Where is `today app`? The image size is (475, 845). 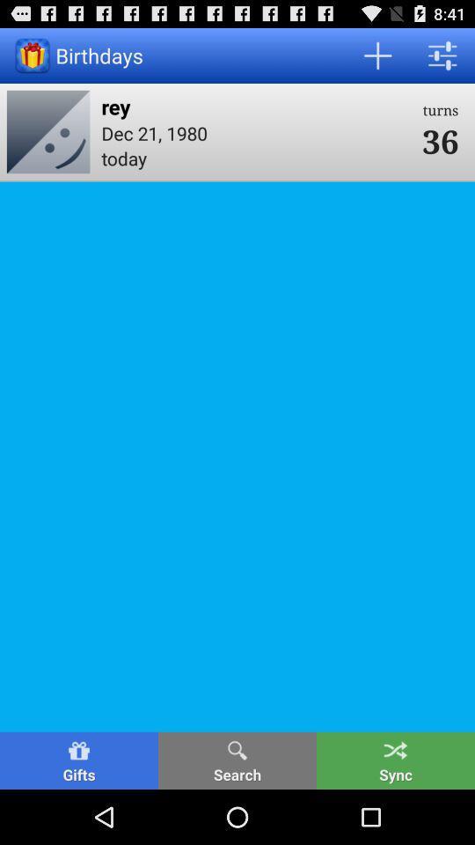 today app is located at coordinates (255, 157).